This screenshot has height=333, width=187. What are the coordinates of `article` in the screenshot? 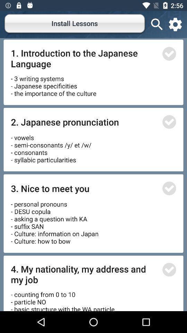 It's located at (169, 188).